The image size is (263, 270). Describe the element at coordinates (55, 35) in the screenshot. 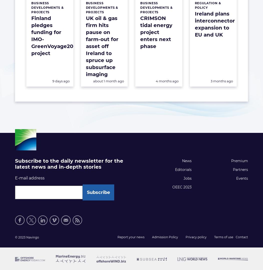

I see `'Finland pledges funding for IMO-GreenVoyage2050 project'` at that location.